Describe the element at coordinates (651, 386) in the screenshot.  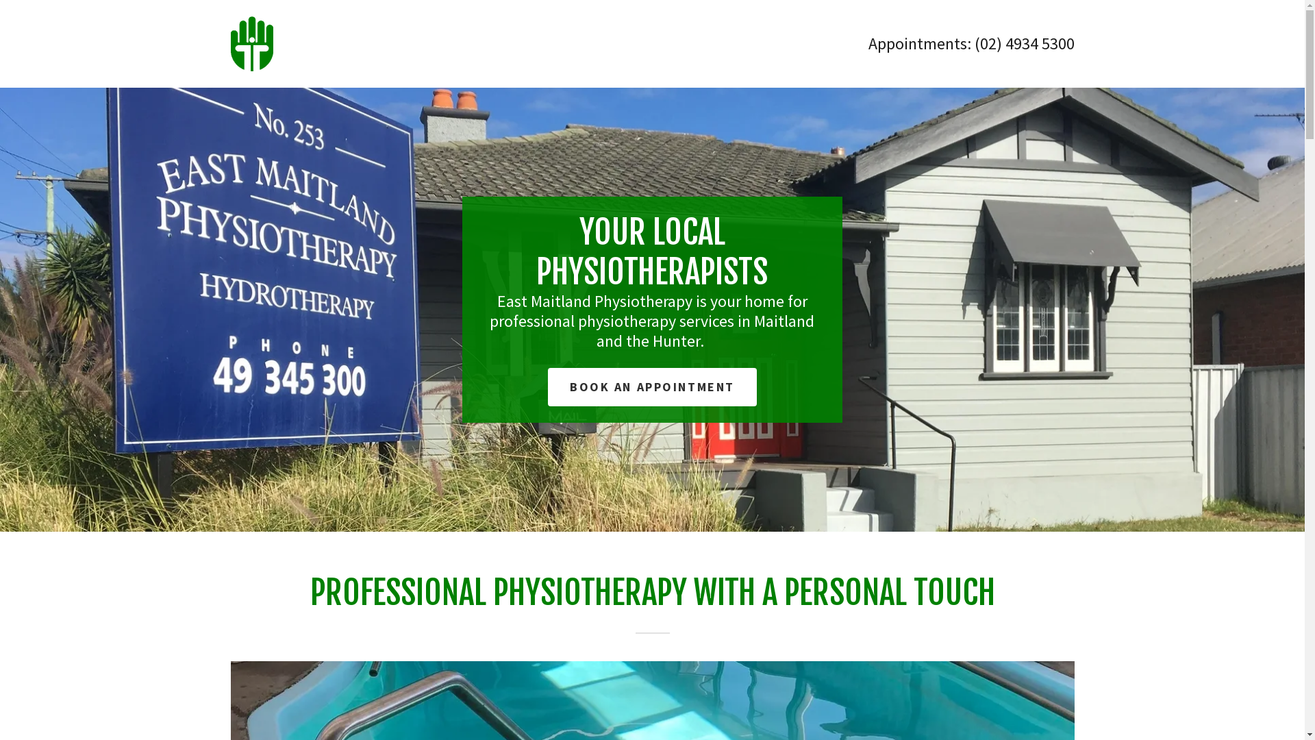
I see `'BOOK AN APPOINTMENT'` at that location.